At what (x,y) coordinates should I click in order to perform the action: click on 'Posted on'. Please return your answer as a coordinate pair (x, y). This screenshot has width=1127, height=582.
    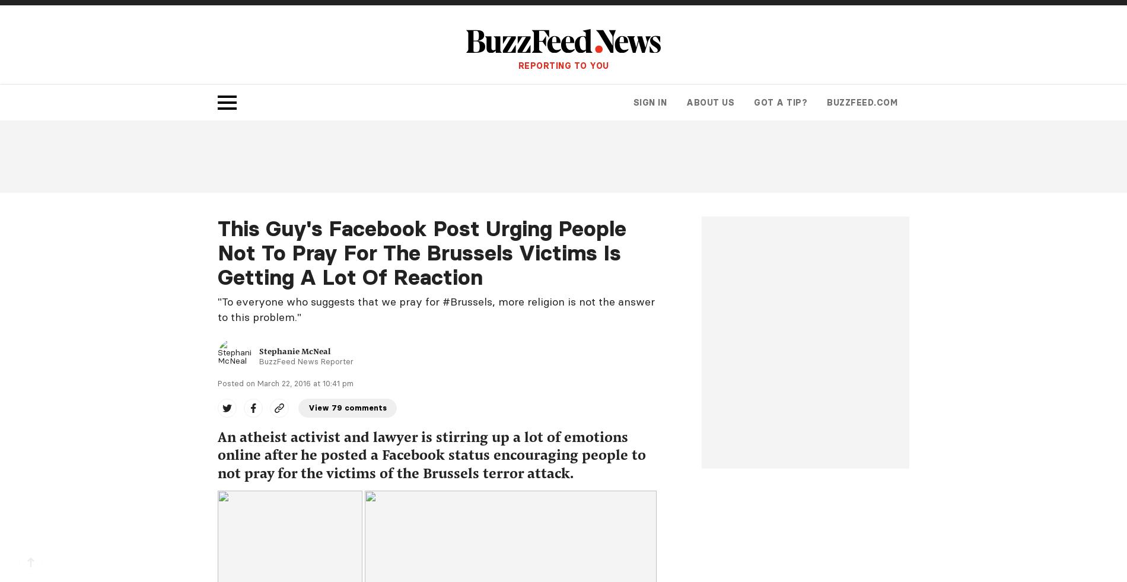
    Looking at the image, I should click on (235, 383).